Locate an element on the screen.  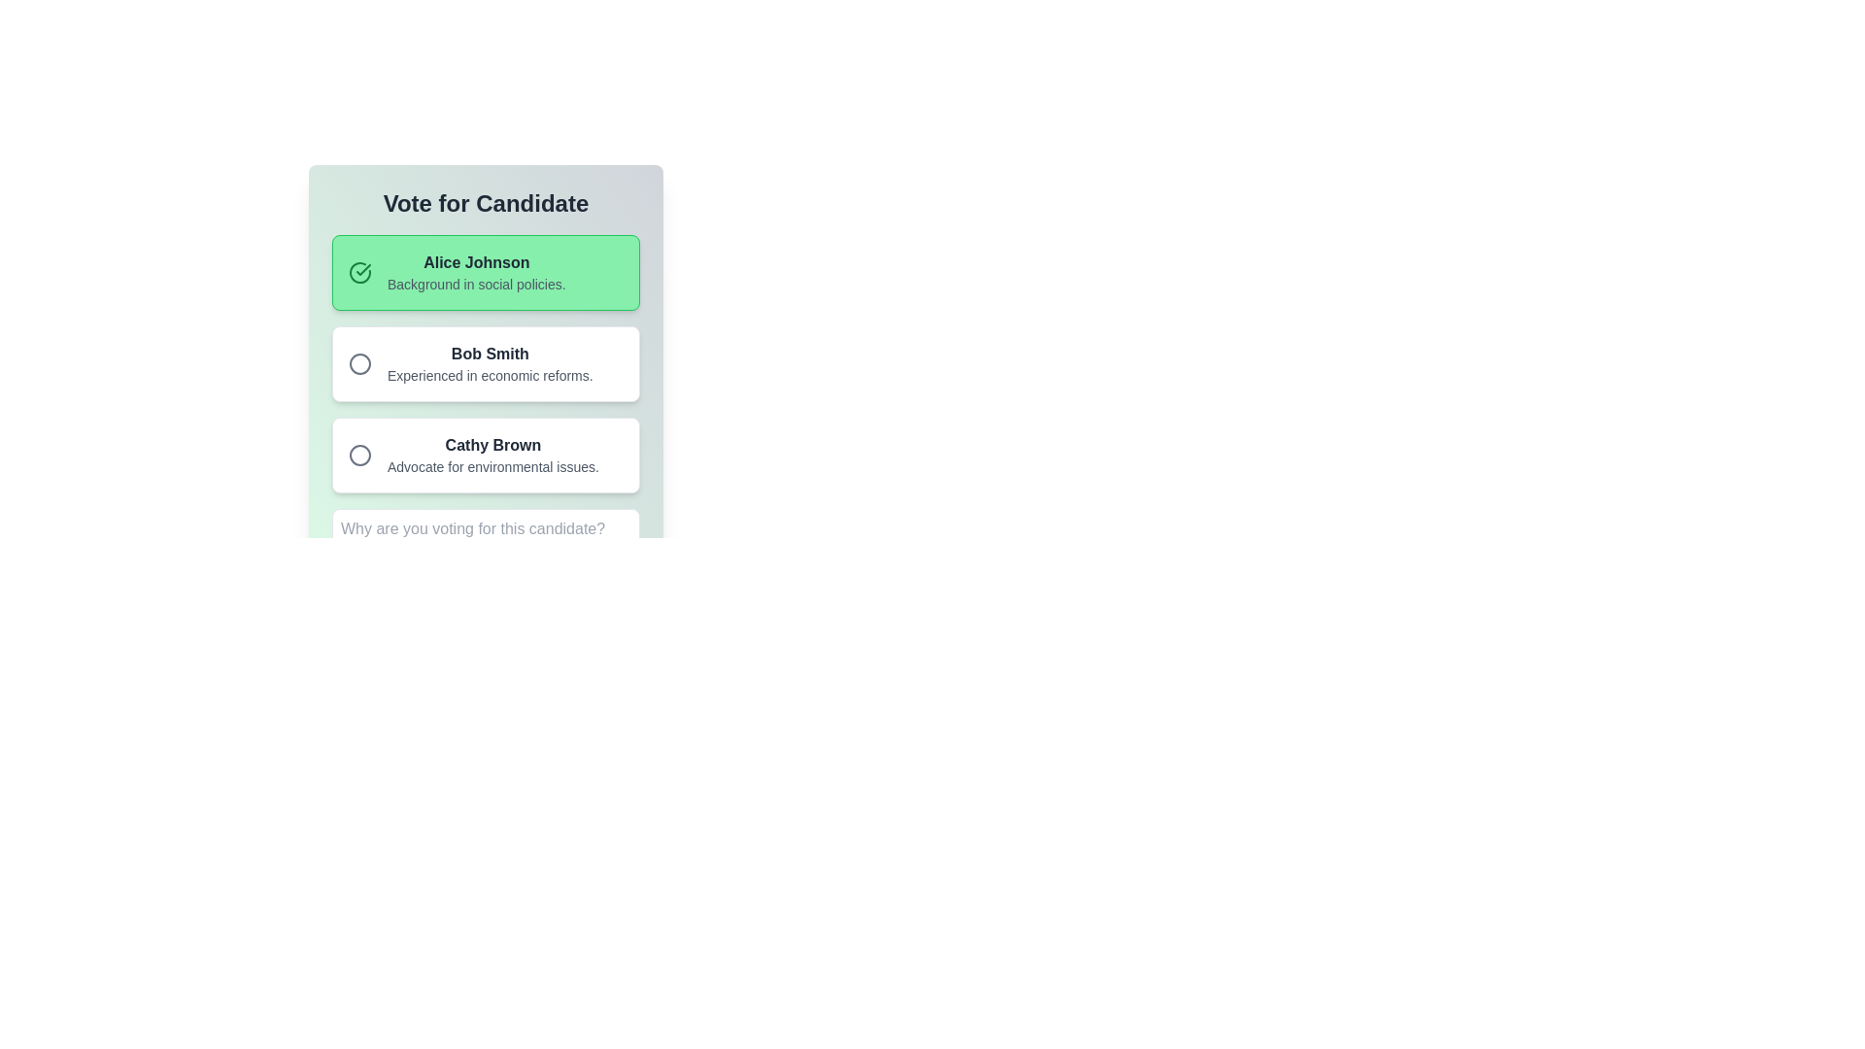
the text input box located below the candidate selection options is located at coordinates (486, 540).